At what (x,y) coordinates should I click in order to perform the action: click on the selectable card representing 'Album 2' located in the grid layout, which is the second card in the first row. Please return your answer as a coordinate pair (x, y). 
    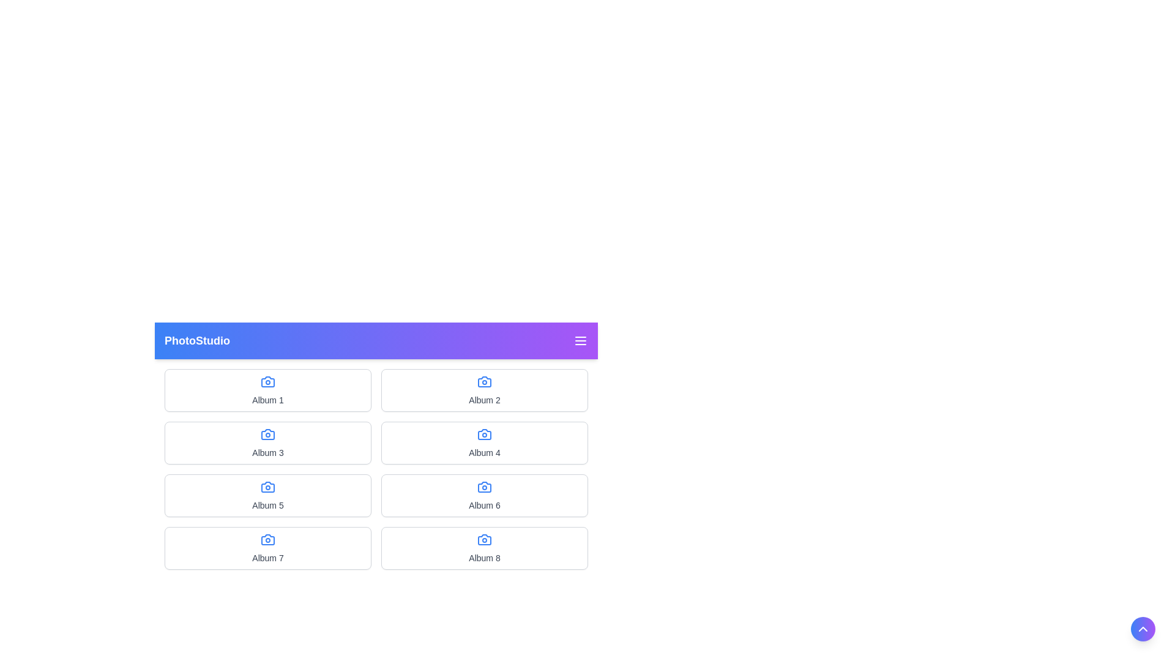
    Looking at the image, I should click on (484, 390).